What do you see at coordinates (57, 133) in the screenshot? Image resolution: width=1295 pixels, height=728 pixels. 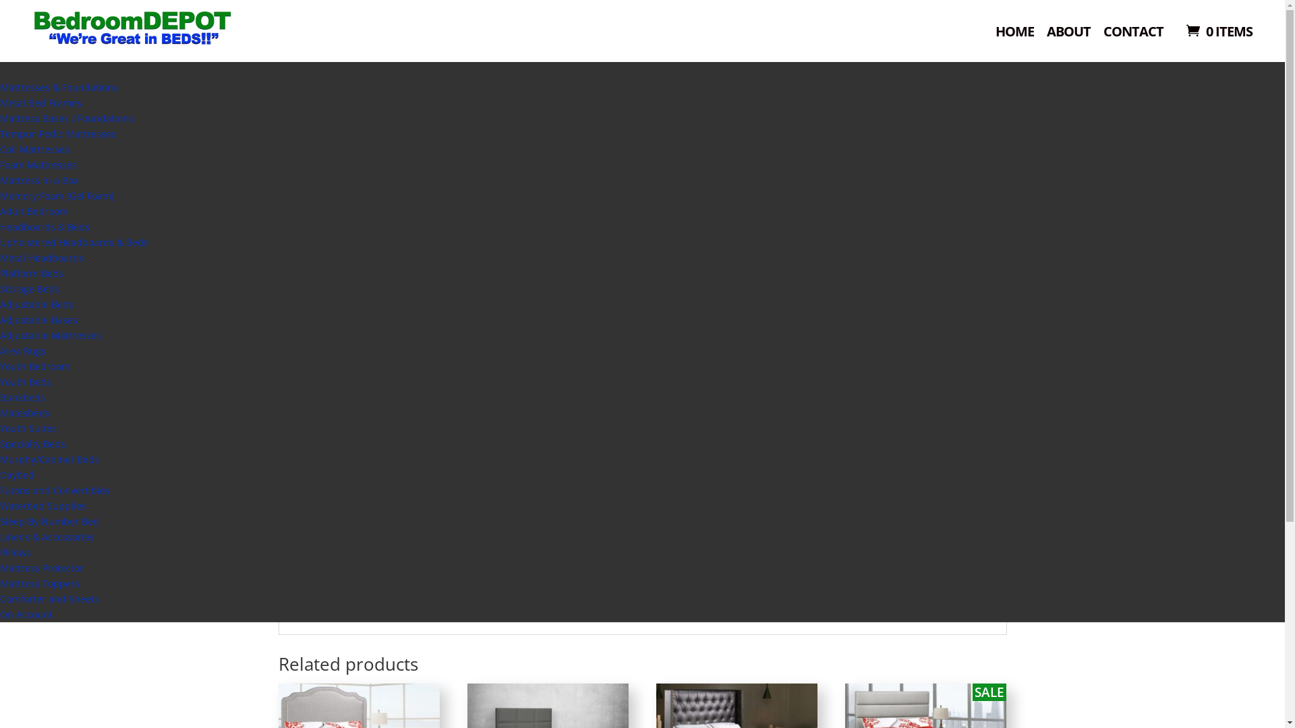 I see `'Tempur-Pedic Mattresses'` at bounding box center [57, 133].